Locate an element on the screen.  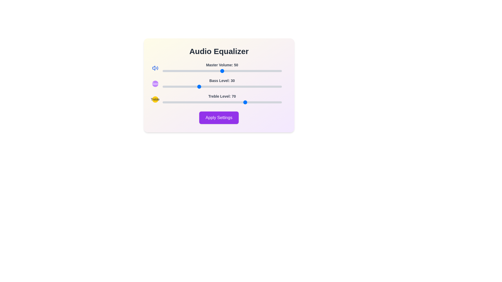
and drag the blue knob of the 'Treble Level: 70' range slider located in the 'Treble' group to adjust the treble level is located at coordinates (222, 99).